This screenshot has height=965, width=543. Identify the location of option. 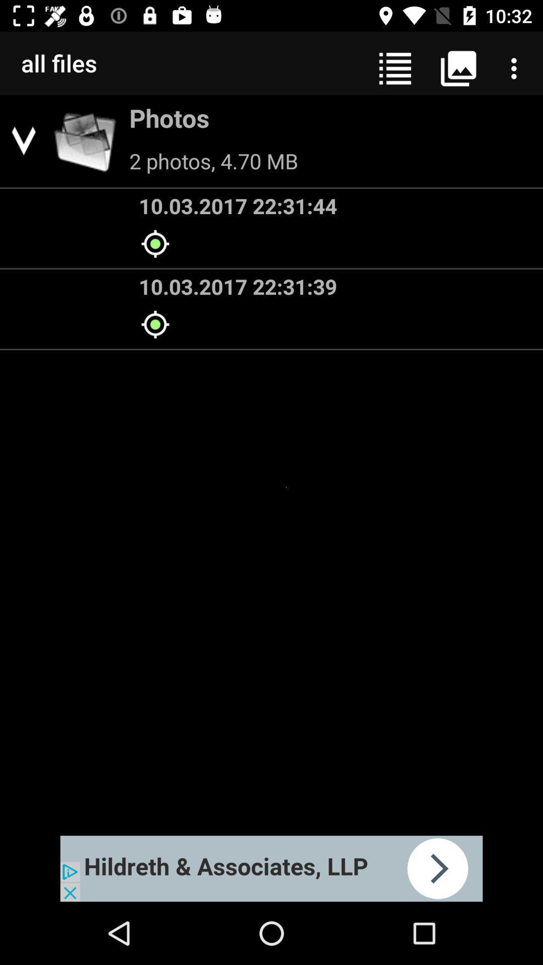
(271, 868).